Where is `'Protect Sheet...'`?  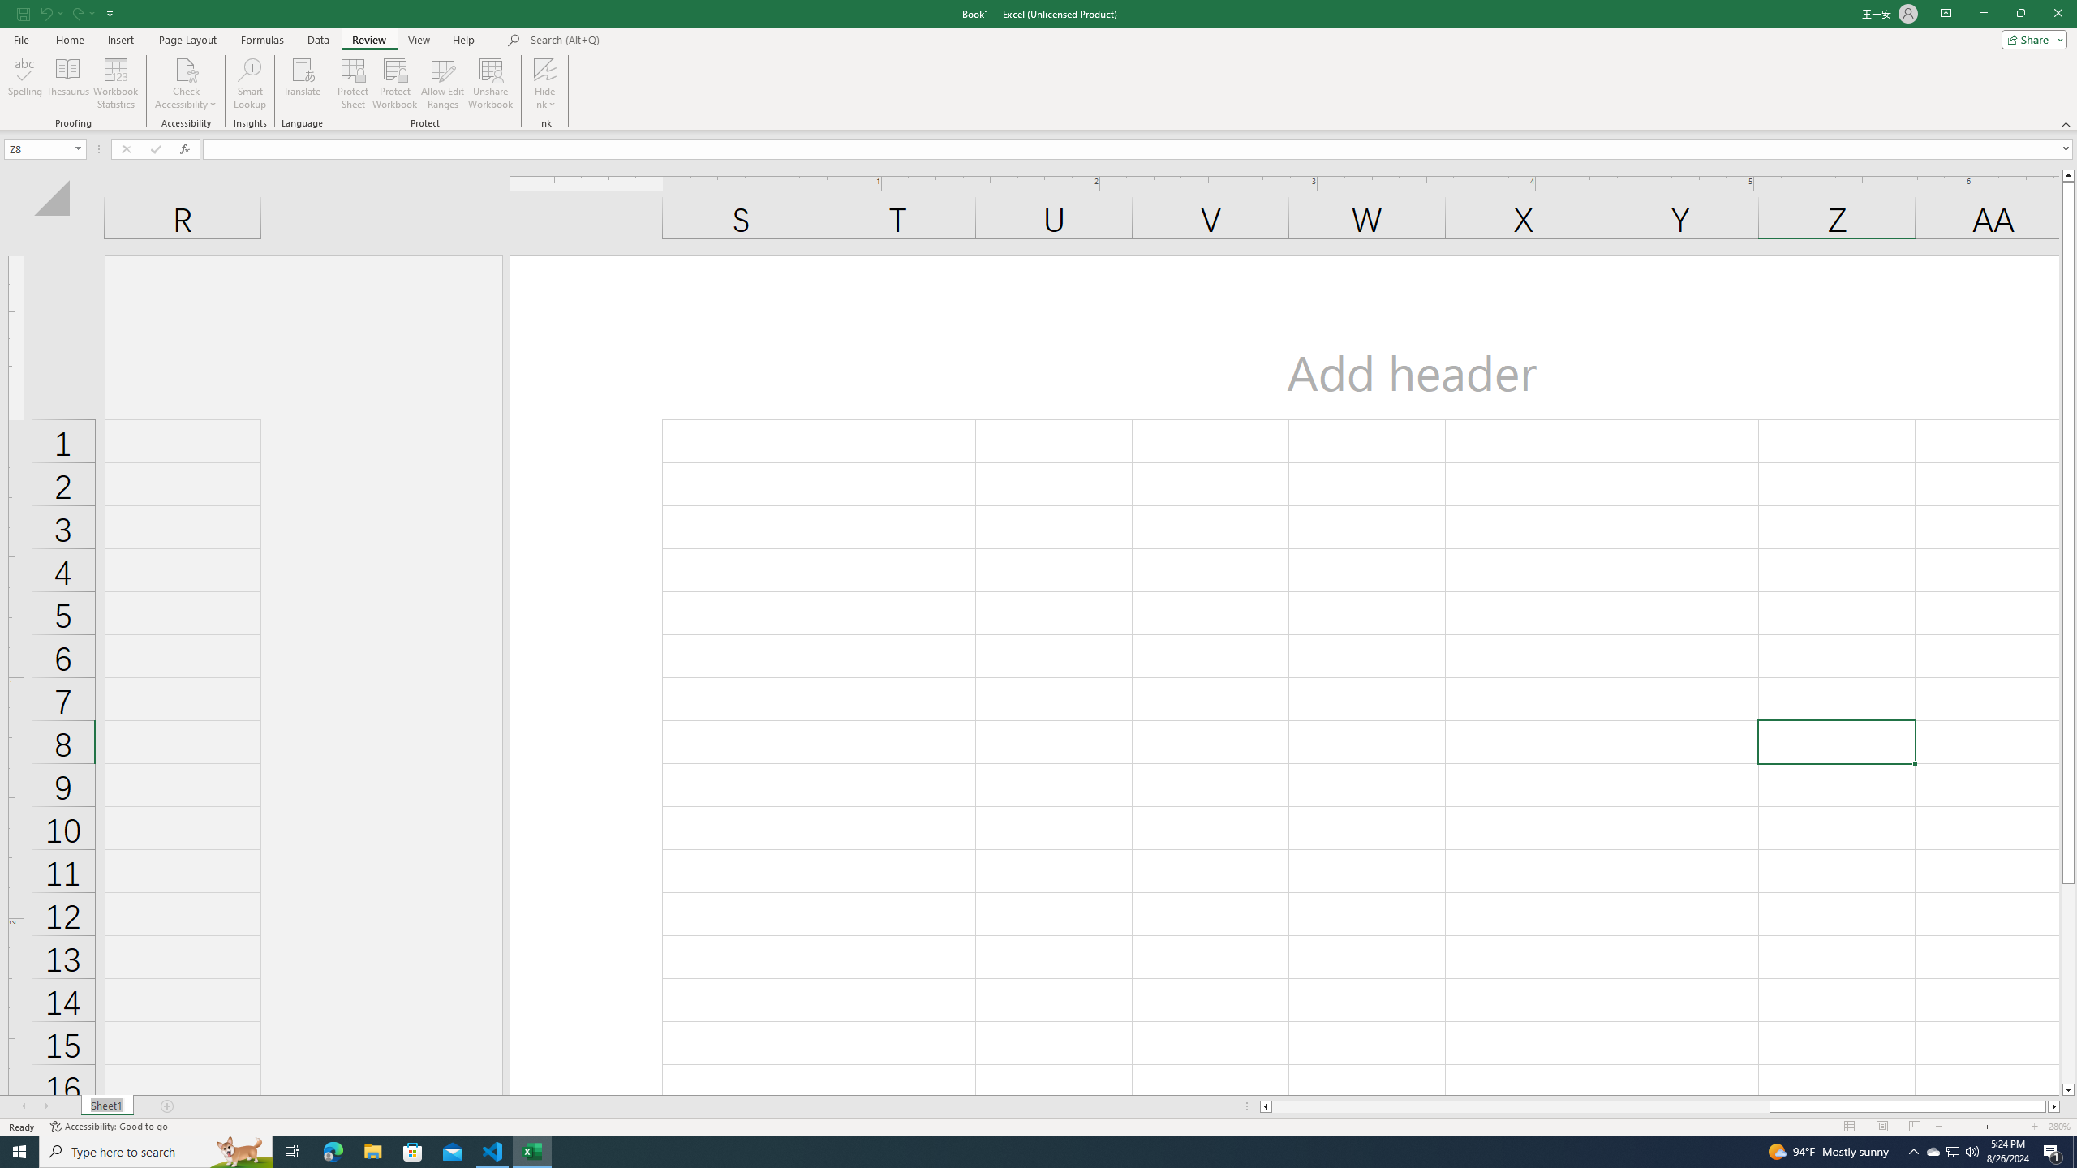 'Protect Sheet...' is located at coordinates (354, 84).